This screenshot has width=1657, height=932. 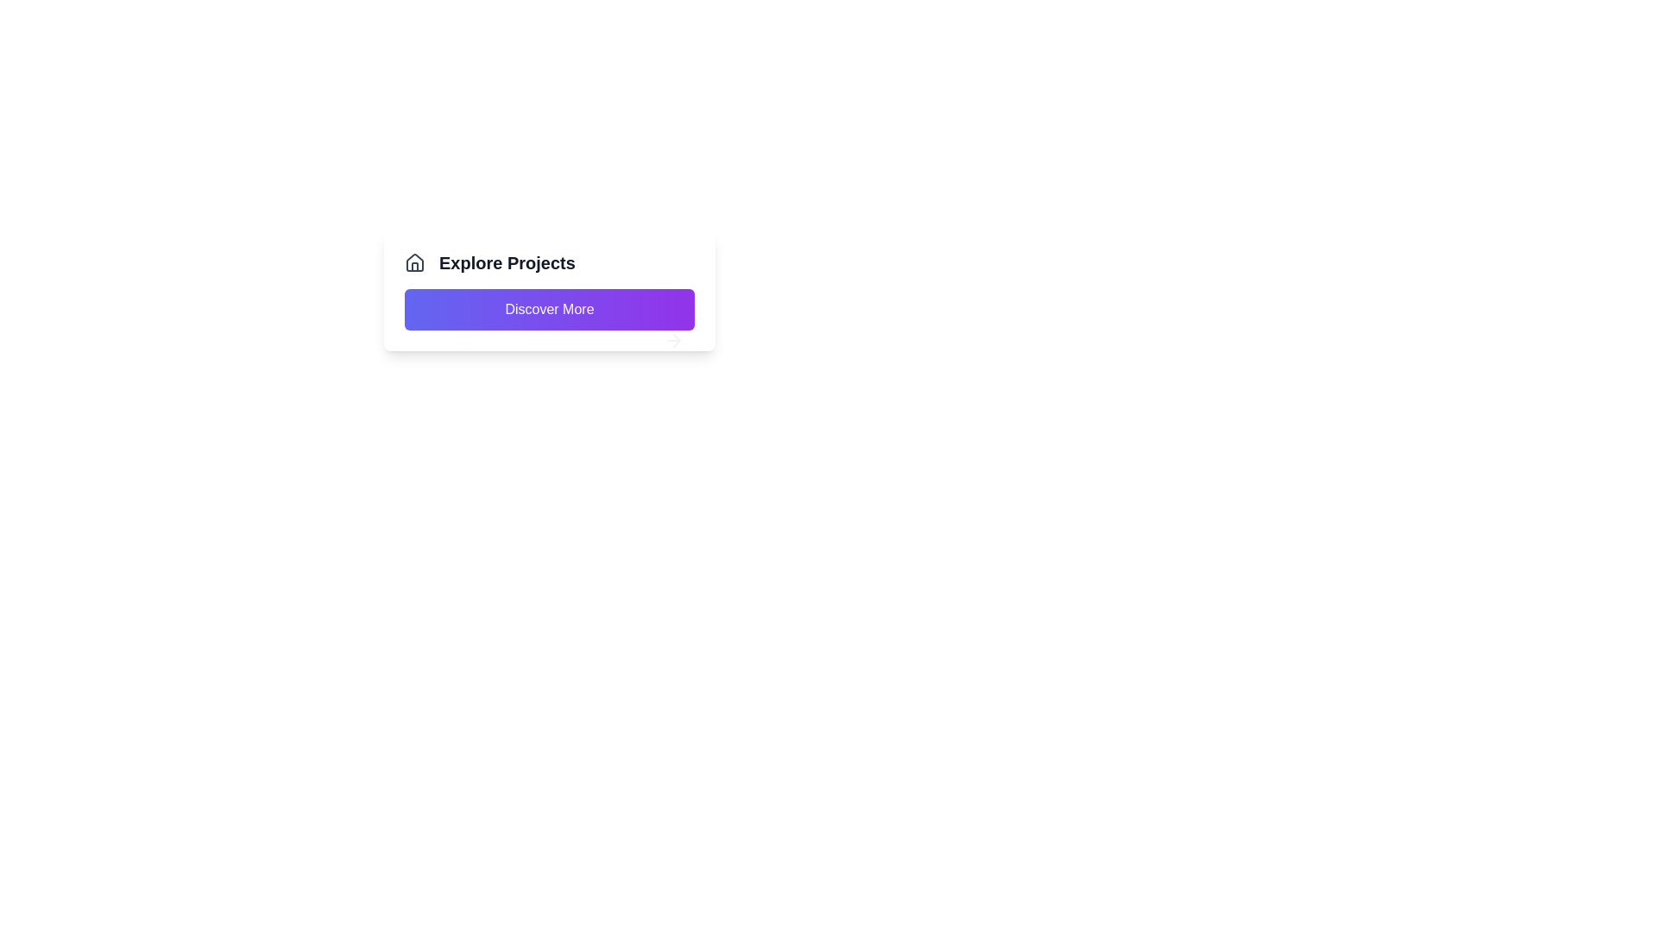 I want to click on the house icon element, which depicts the outline of the roof and walls, styled in gray and located to the left of the 'Explore Projects' text, so click(x=414, y=262).